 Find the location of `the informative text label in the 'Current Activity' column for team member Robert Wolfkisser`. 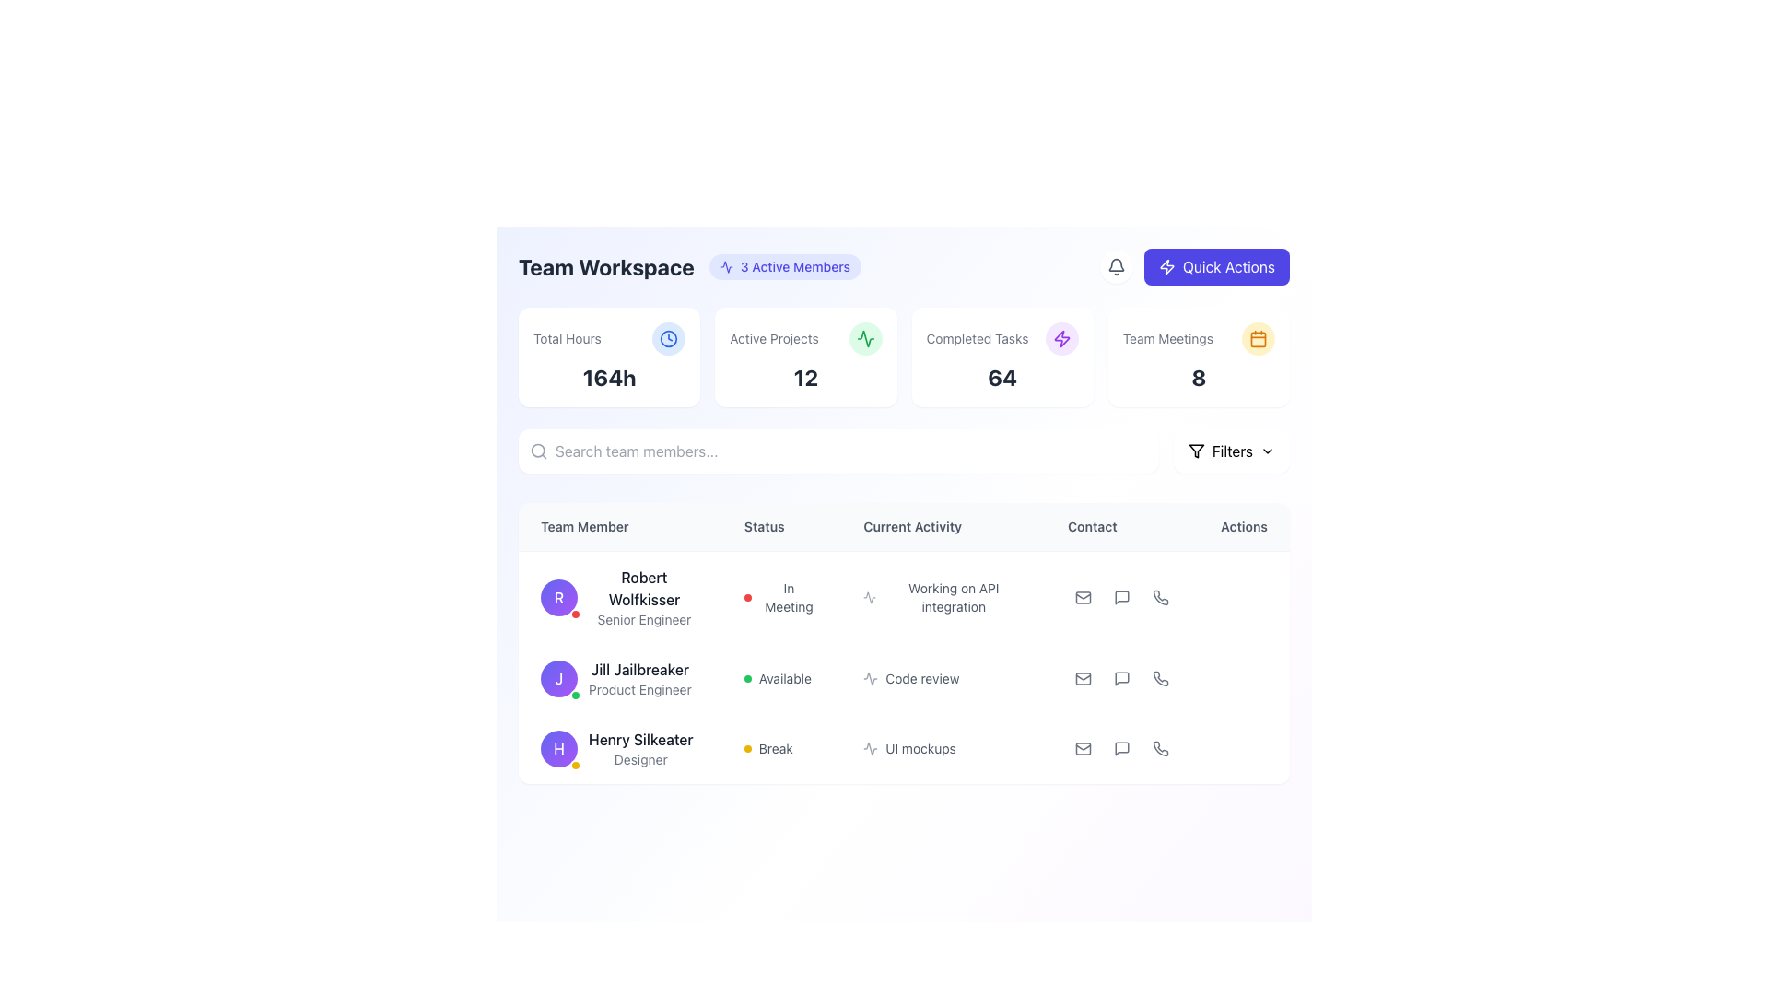

the informative text label in the 'Current Activity' column for team member Robert Wolfkisser is located at coordinates (954, 597).